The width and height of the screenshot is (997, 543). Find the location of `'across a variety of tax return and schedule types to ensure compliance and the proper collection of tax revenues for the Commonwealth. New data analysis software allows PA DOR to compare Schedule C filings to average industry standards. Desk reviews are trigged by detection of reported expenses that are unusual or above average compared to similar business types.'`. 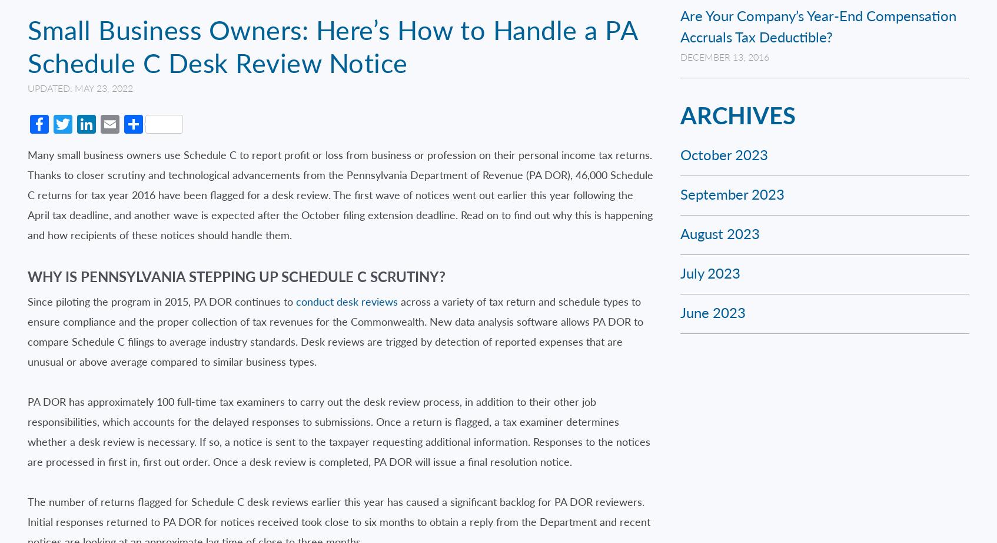

'across a variety of tax return and schedule types to ensure compliance and the proper collection of tax revenues for the Commonwealth. New data analysis software allows PA DOR to compare Schedule C filings to average industry standards. Desk reviews are trigged by detection of reported expenses that are unusual or above average compared to similar business types.' is located at coordinates (335, 330).